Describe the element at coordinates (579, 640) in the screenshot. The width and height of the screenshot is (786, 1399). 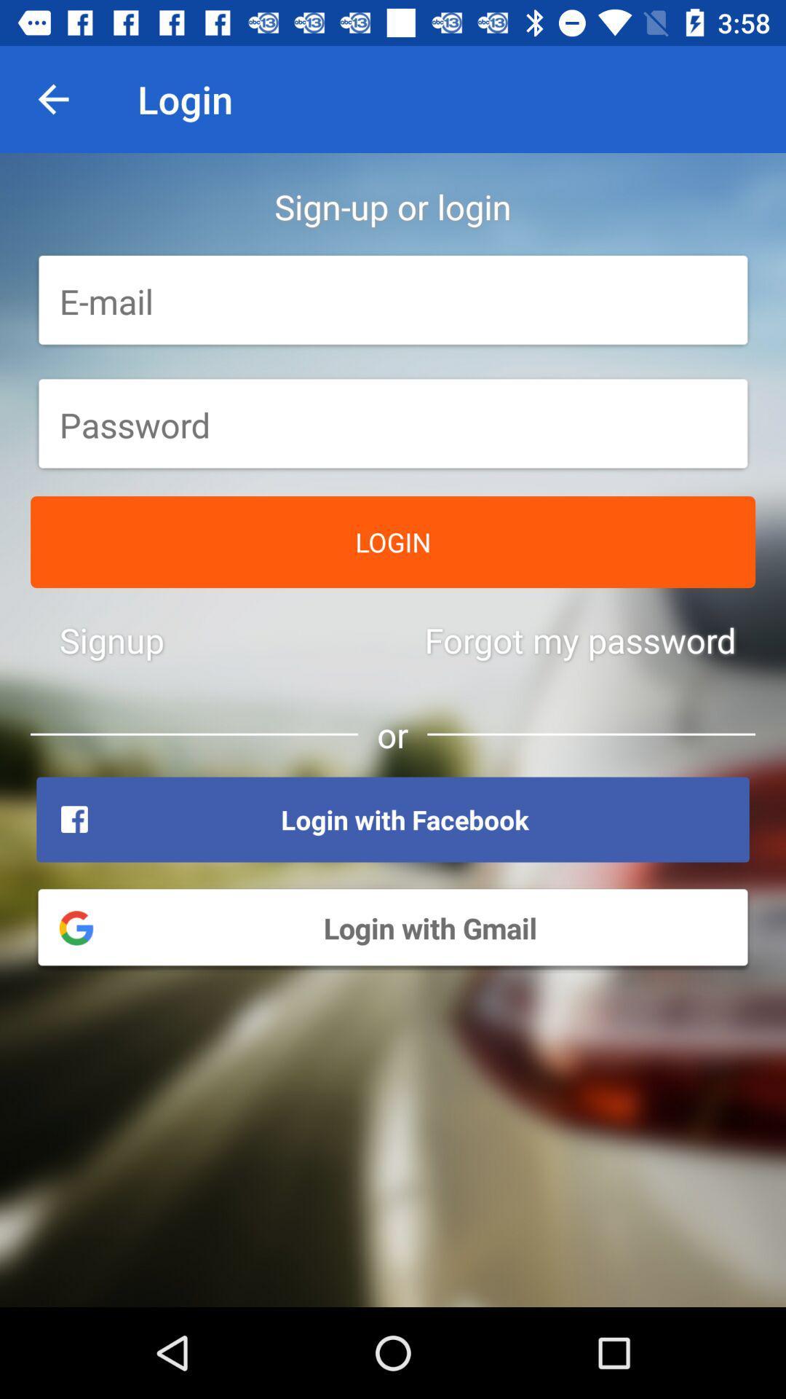
I see `the forgot my password icon` at that location.